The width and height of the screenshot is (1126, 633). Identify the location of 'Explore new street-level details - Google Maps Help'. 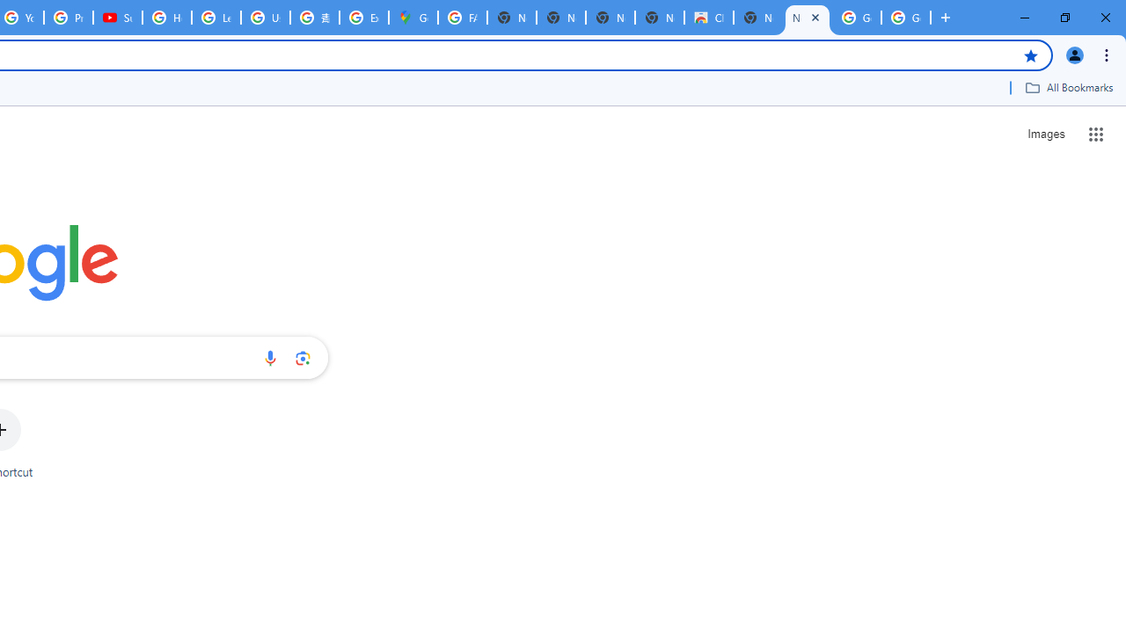
(363, 18).